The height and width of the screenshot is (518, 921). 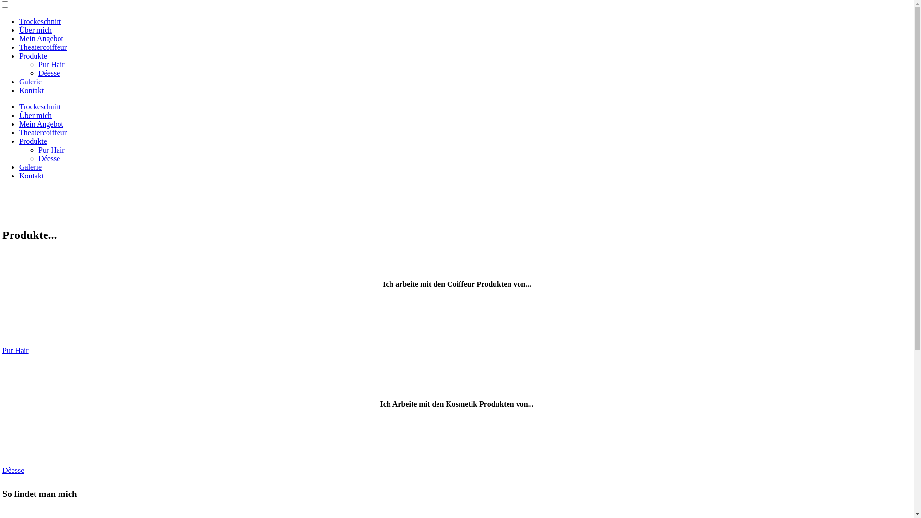 What do you see at coordinates (39, 106) in the screenshot?
I see `'Trockeschnitt'` at bounding box center [39, 106].